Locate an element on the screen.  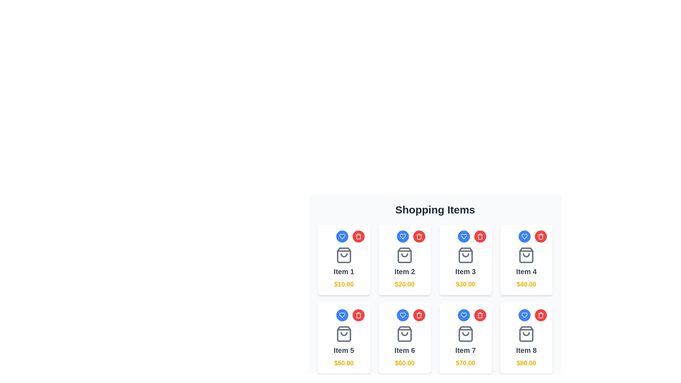
the 'Delete' icon located at the upper-right side of the card labeled 'Item 3' is located at coordinates (358, 237).